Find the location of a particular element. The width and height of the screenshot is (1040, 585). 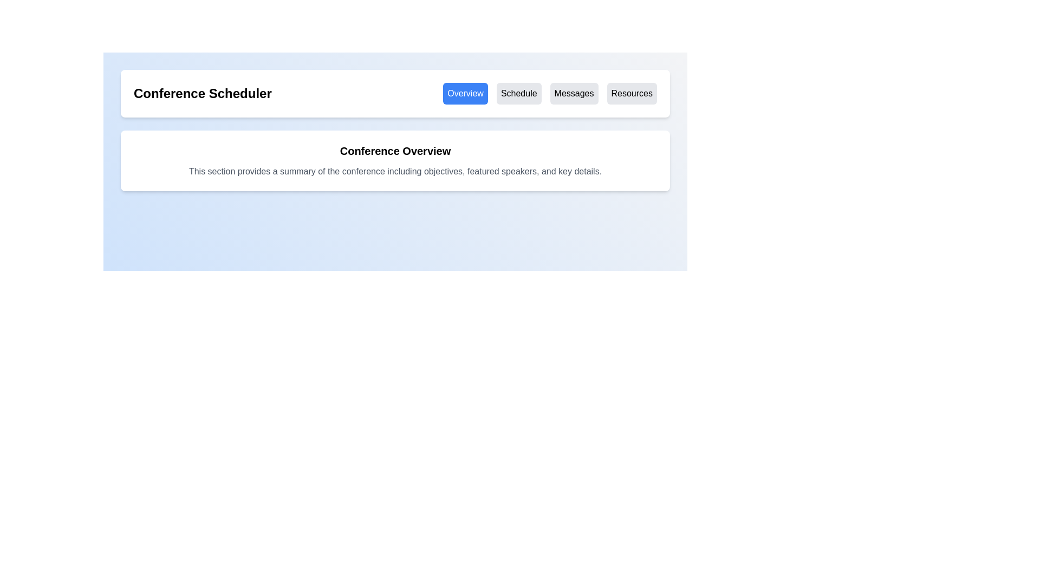

the leftmost button in the horizontal set of four buttons located below the title bar is located at coordinates (465, 93).